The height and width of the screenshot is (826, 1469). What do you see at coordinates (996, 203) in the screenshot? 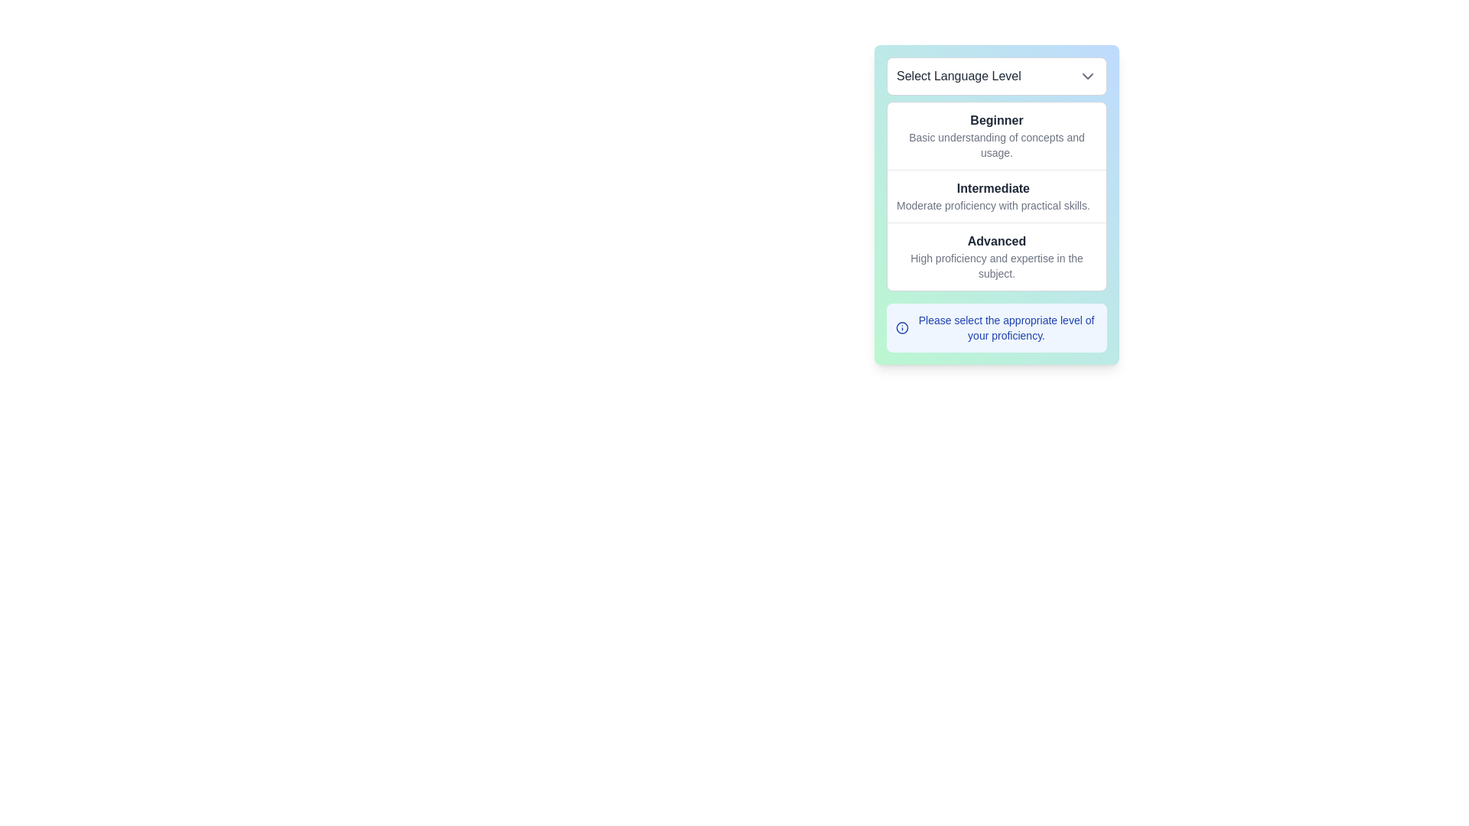
I see `the Dropdown menu option` at bounding box center [996, 203].